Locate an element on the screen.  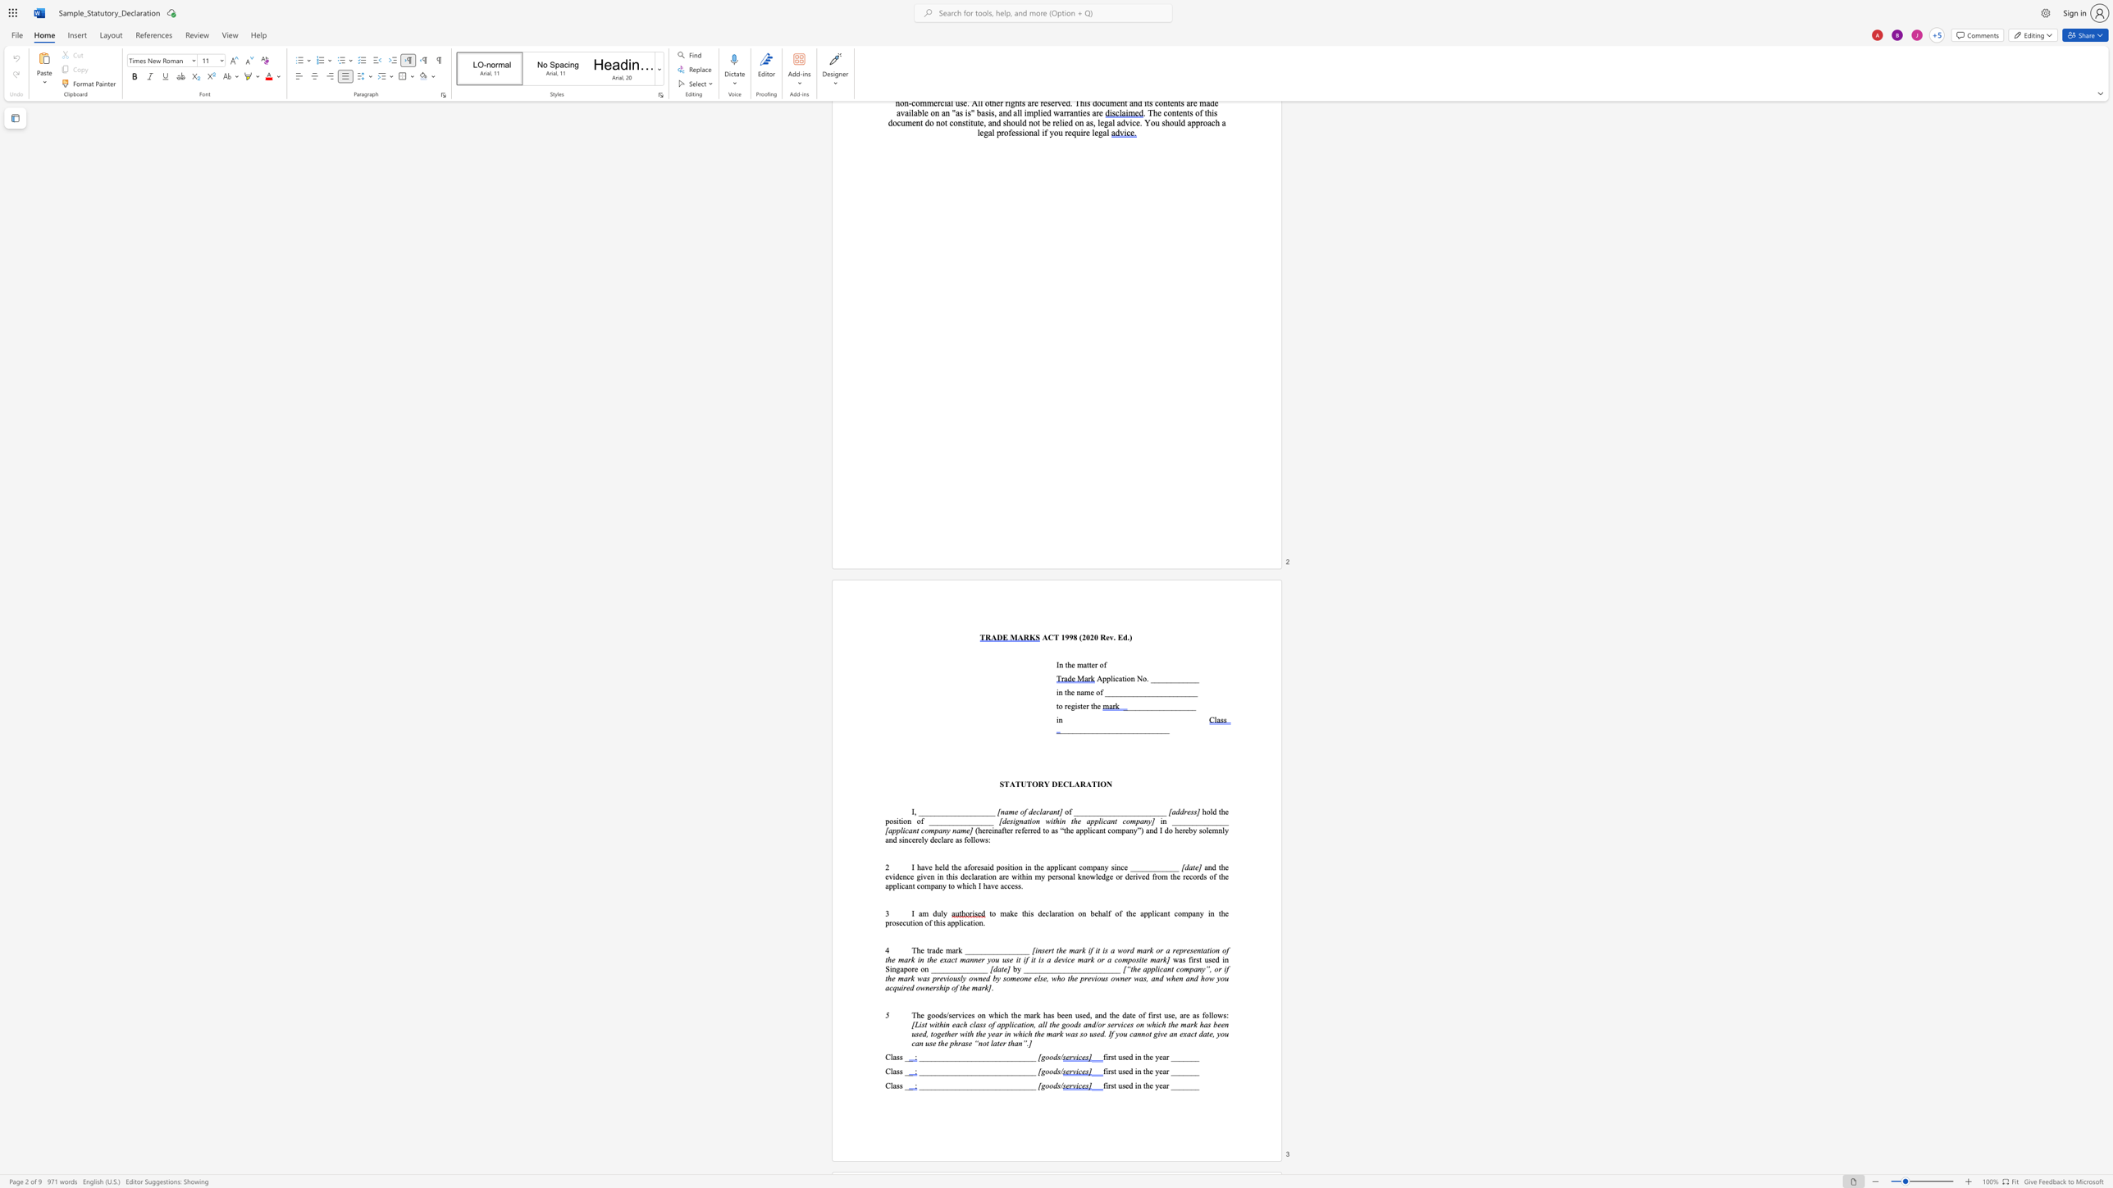
the 6th character "_" in the text is located at coordinates (952, 968).